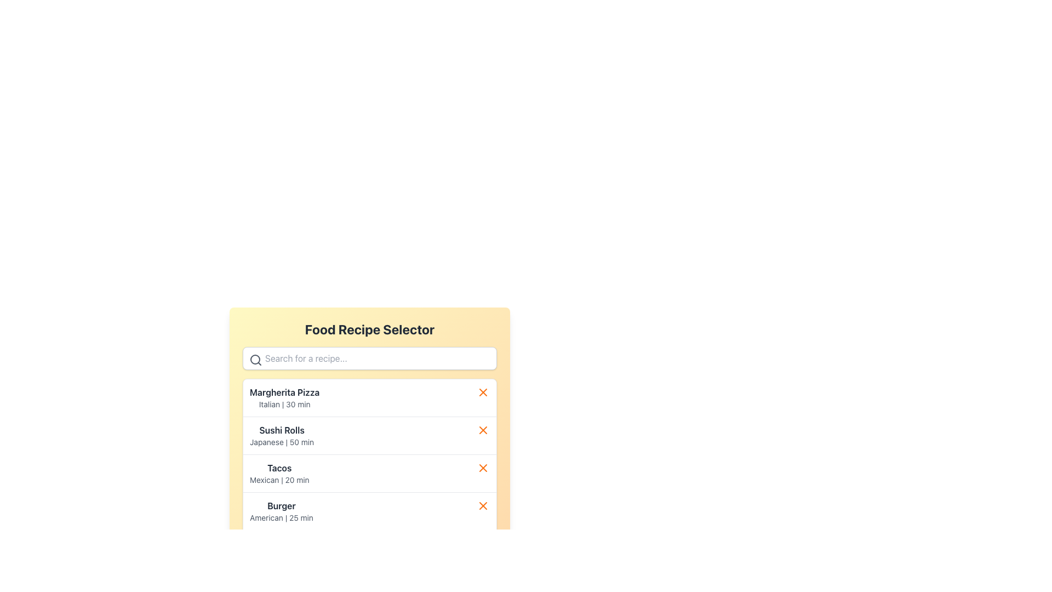  Describe the element at coordinates (279, 473) in the screenshot. I see `the text label for 'Tacos' in the Food Recipe Selector` at that location.